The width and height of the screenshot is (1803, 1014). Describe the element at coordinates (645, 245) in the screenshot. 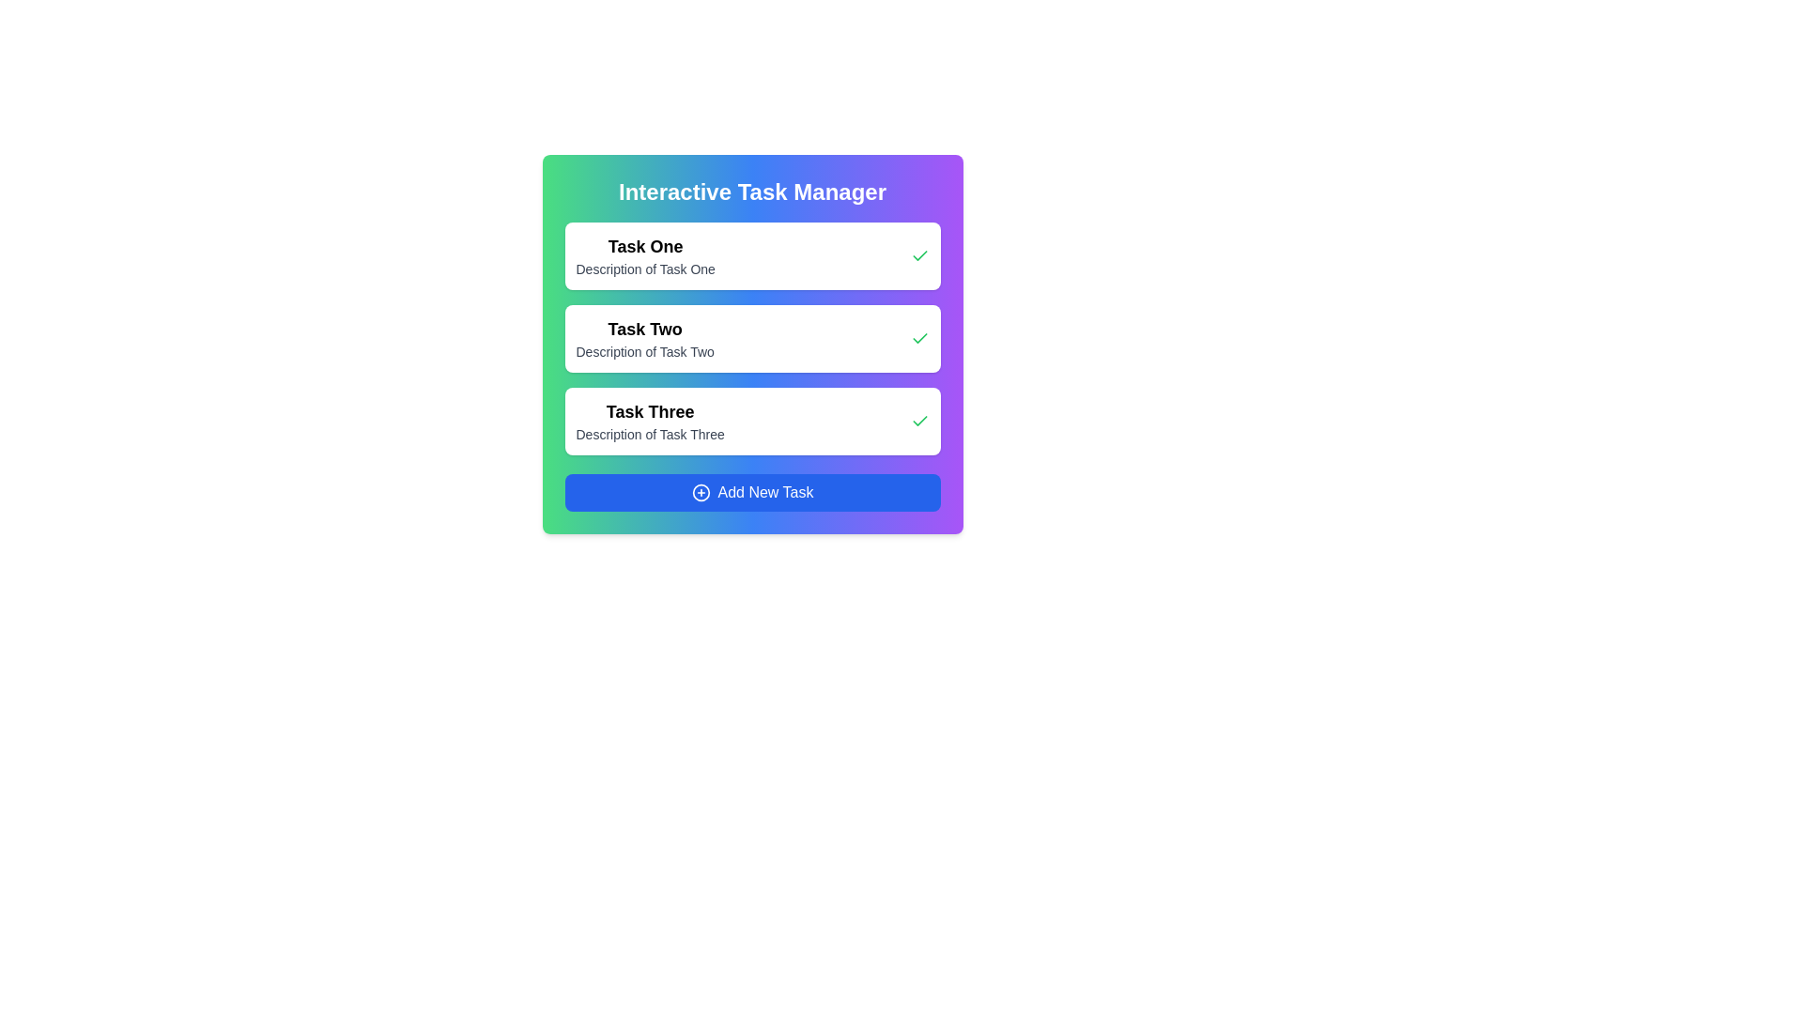

I see `the static text label displaying 'Task One' in bold black font for additional information` at that location.